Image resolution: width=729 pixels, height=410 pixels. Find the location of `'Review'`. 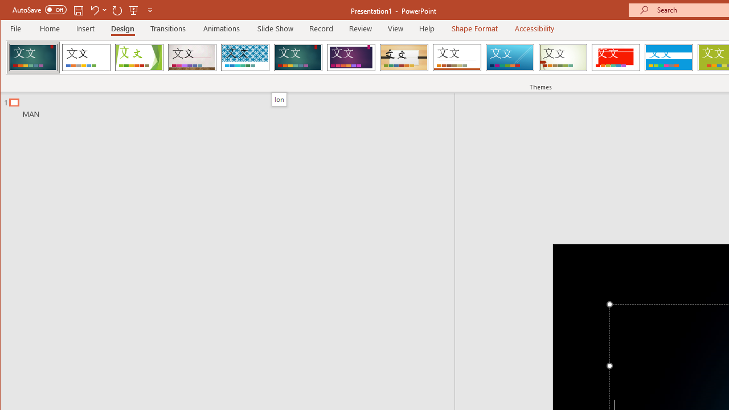

'Review' is located at coordinates (359, 28).